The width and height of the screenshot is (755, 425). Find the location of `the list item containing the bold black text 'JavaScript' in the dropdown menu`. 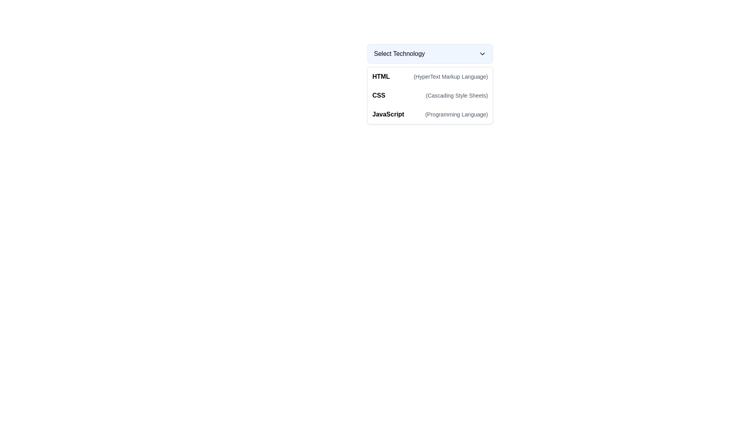

the list item containing the bold black text 'JavaScript' in the dropdown menu is located at coordinates (430, 114).